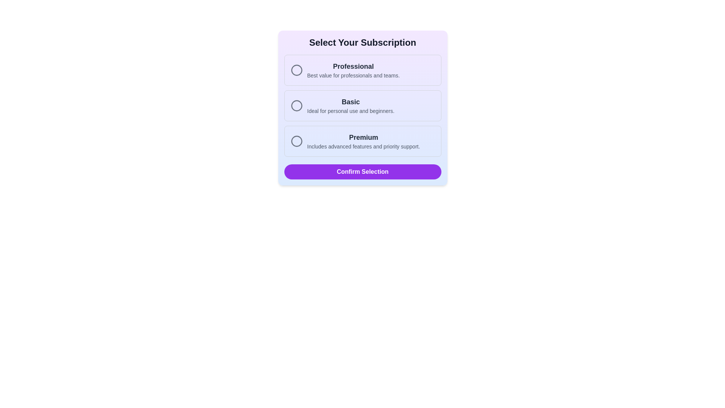 This screenshot has width=725, height=408. I want to click on the text label displaying 'Best value for professionals and teams.' which is located below the header 'Professional' in the subscription option card, so click(353, 76).